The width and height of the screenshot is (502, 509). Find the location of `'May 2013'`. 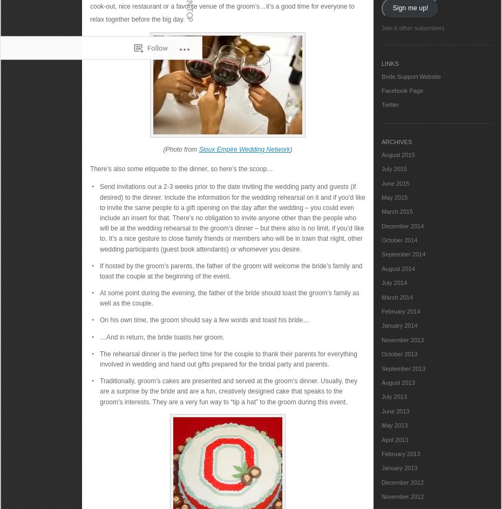

'May 2013' is located at coordinates (381, 424).